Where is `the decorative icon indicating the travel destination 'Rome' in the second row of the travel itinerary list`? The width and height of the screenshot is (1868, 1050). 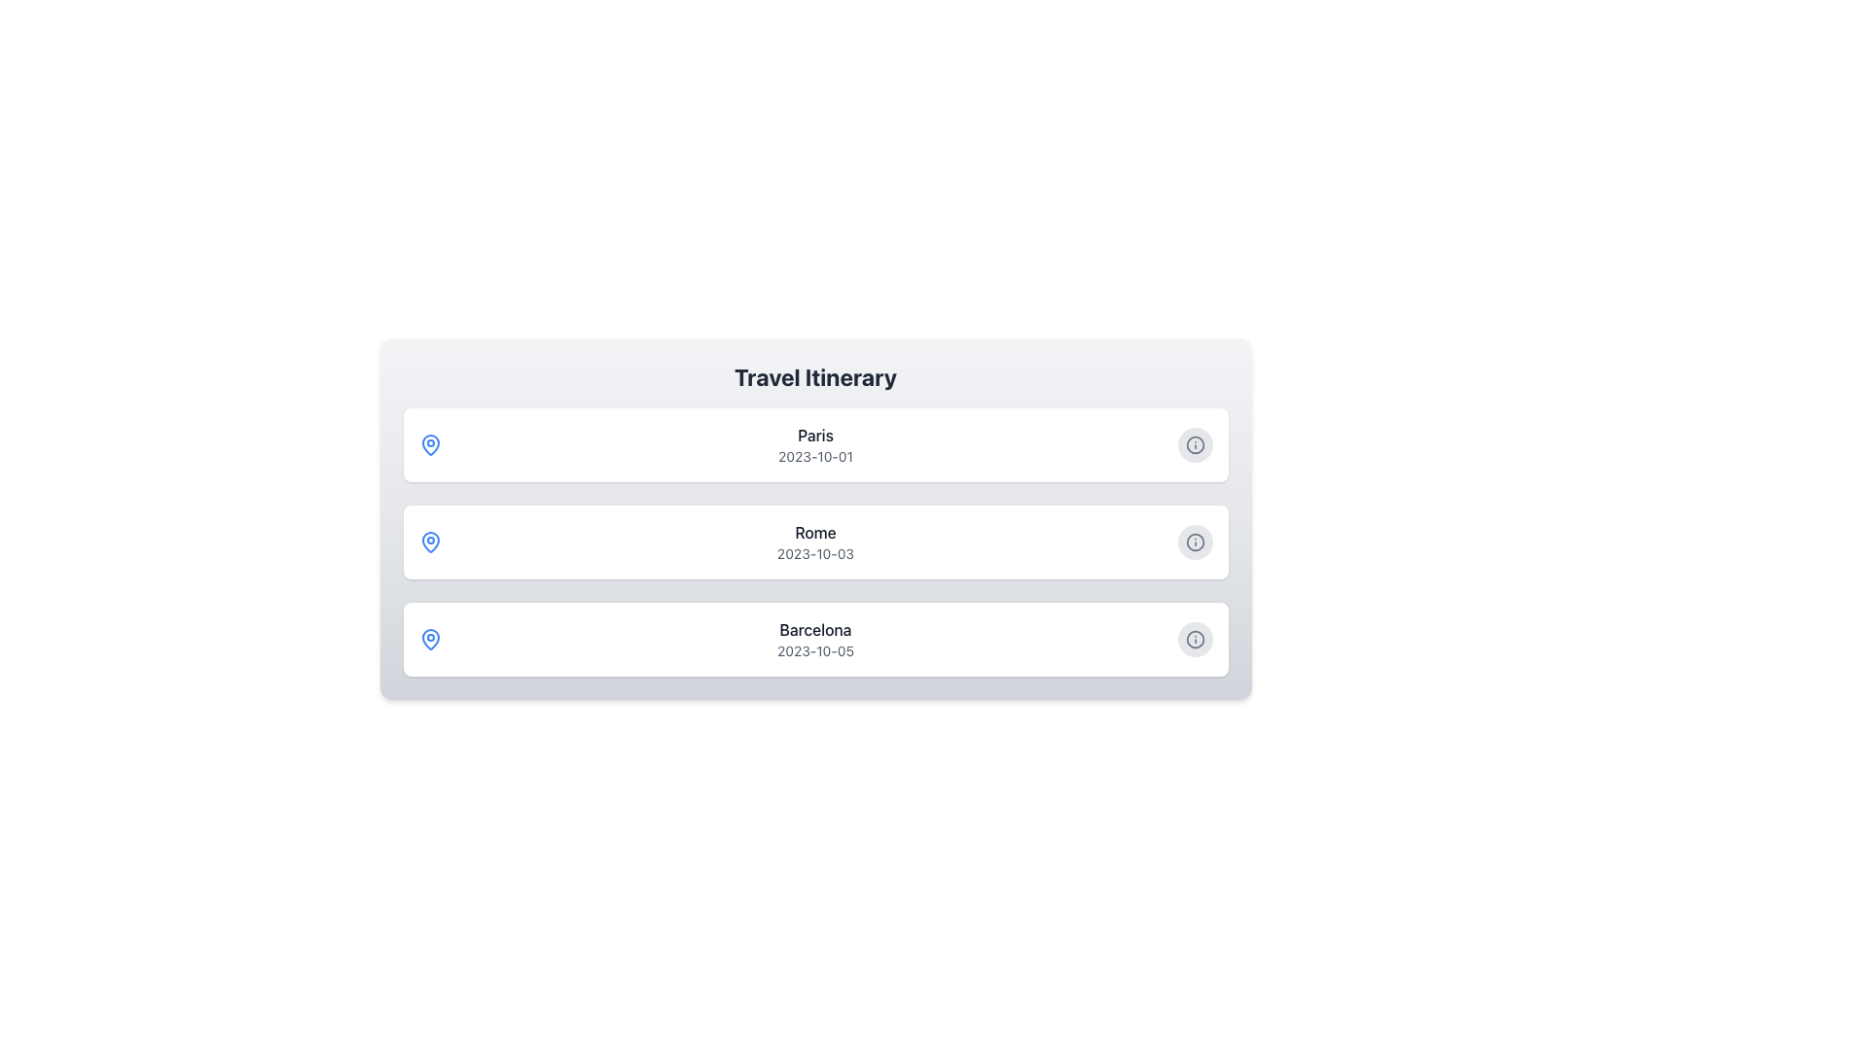 the decorative icon indicating the travel destination 'Rome' in the second row of the travel itinerary list is located at coordinates (429, 542).